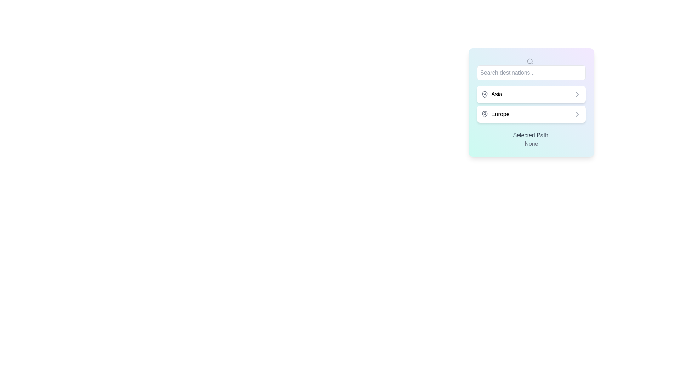  I want to click on purpose of the geographical location icon located to the left of the text 'Europe' in the second row of the list, so click(484, 114).